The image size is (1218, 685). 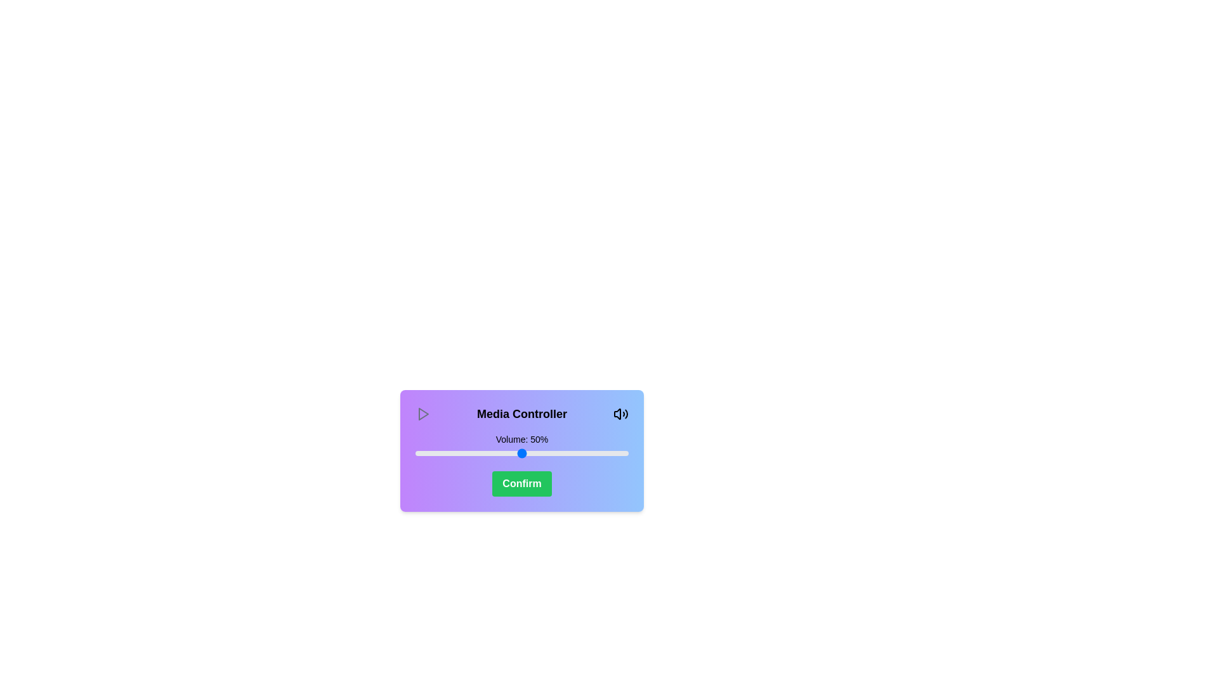 I want to click on play/pause button to toggle its state, so click(x=423, y=414).